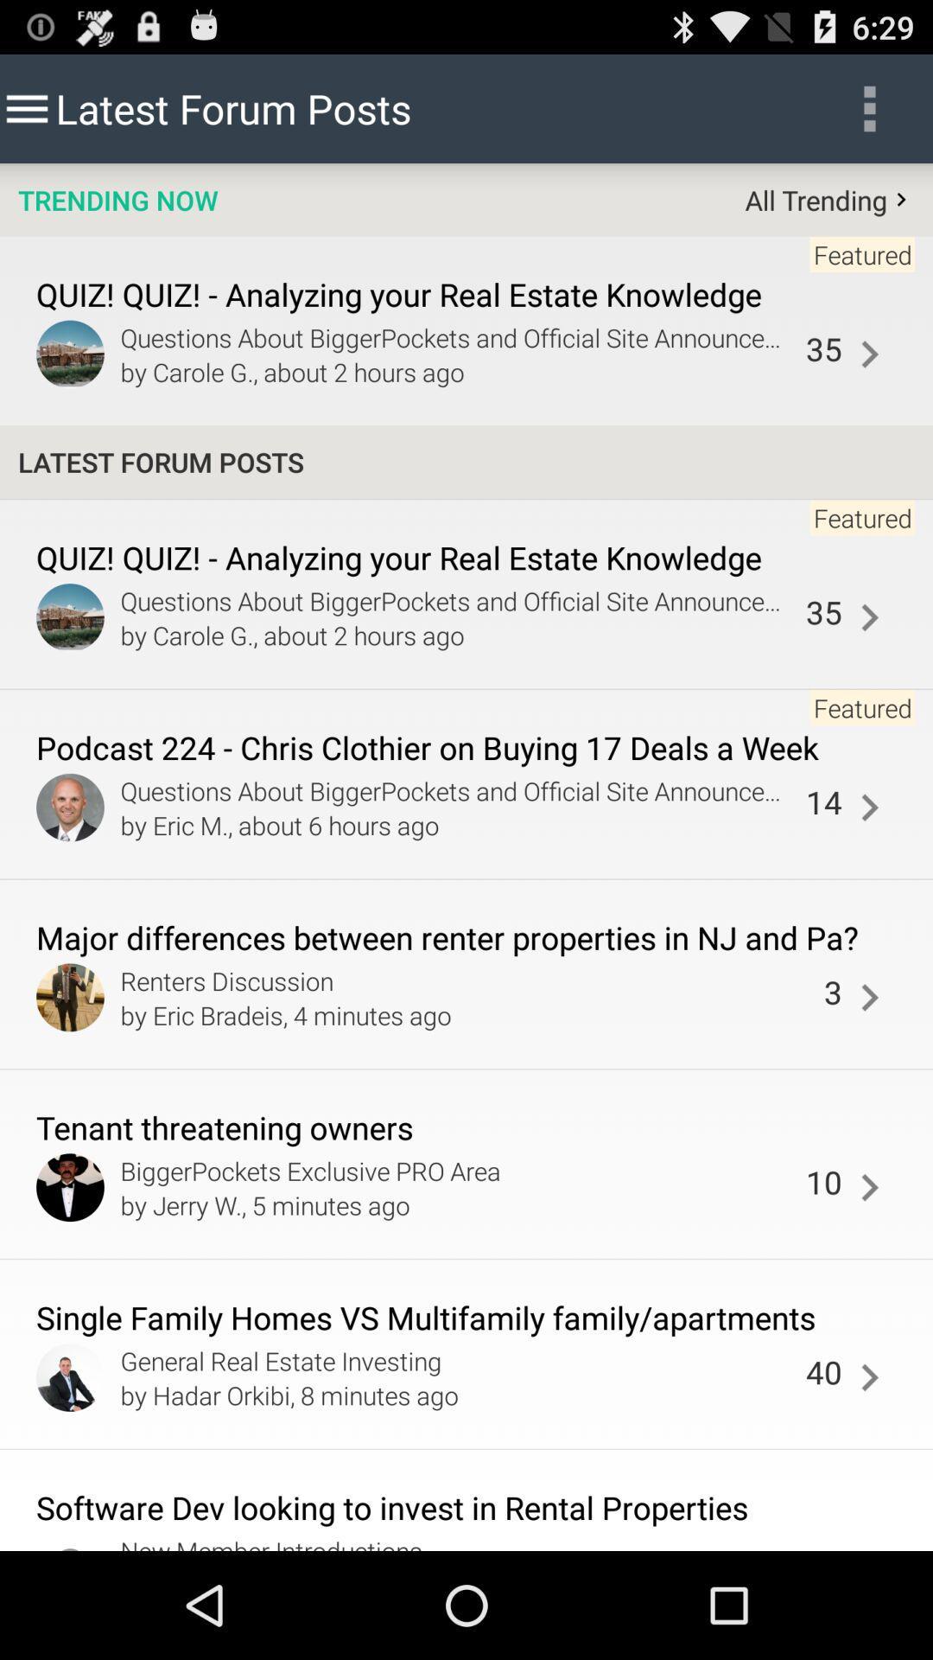  I want to click on by hadar orkibi, so click(458, 1395).